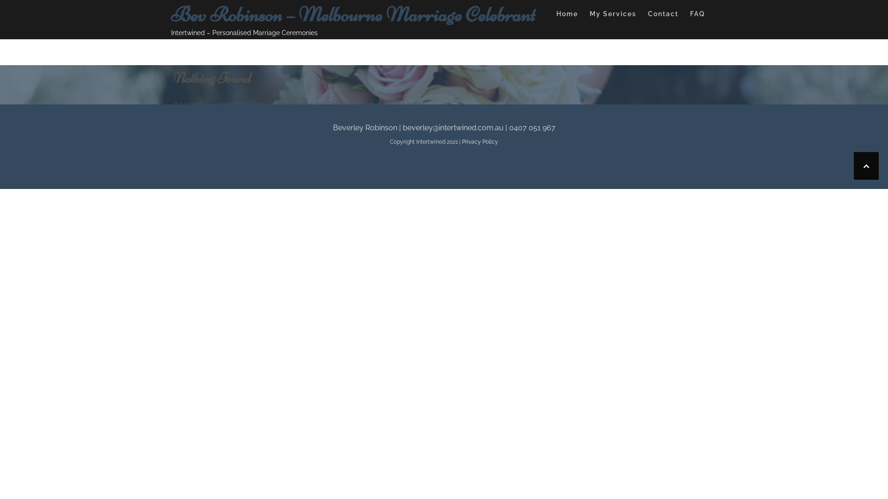 The image size is (888, 499). I want to click on 'FAQ', so click(697, 15).